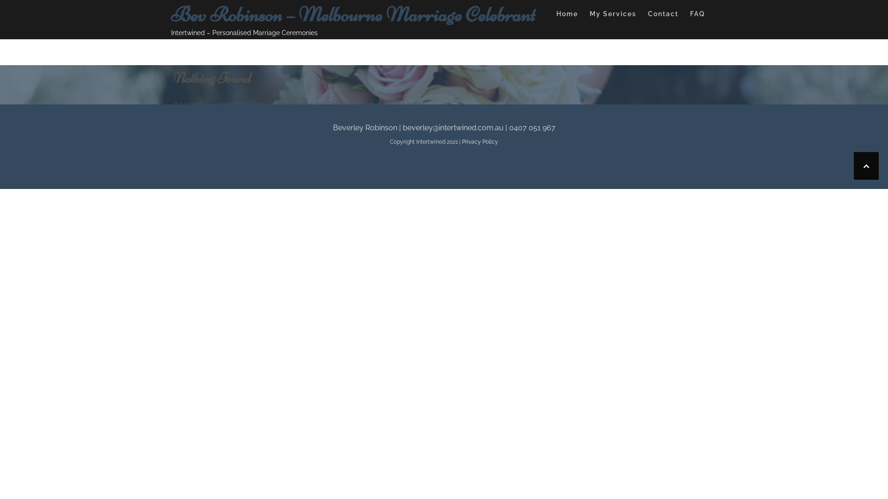 The image size is (888, 499). I want to click on 'FAQ', so click(697, 15).